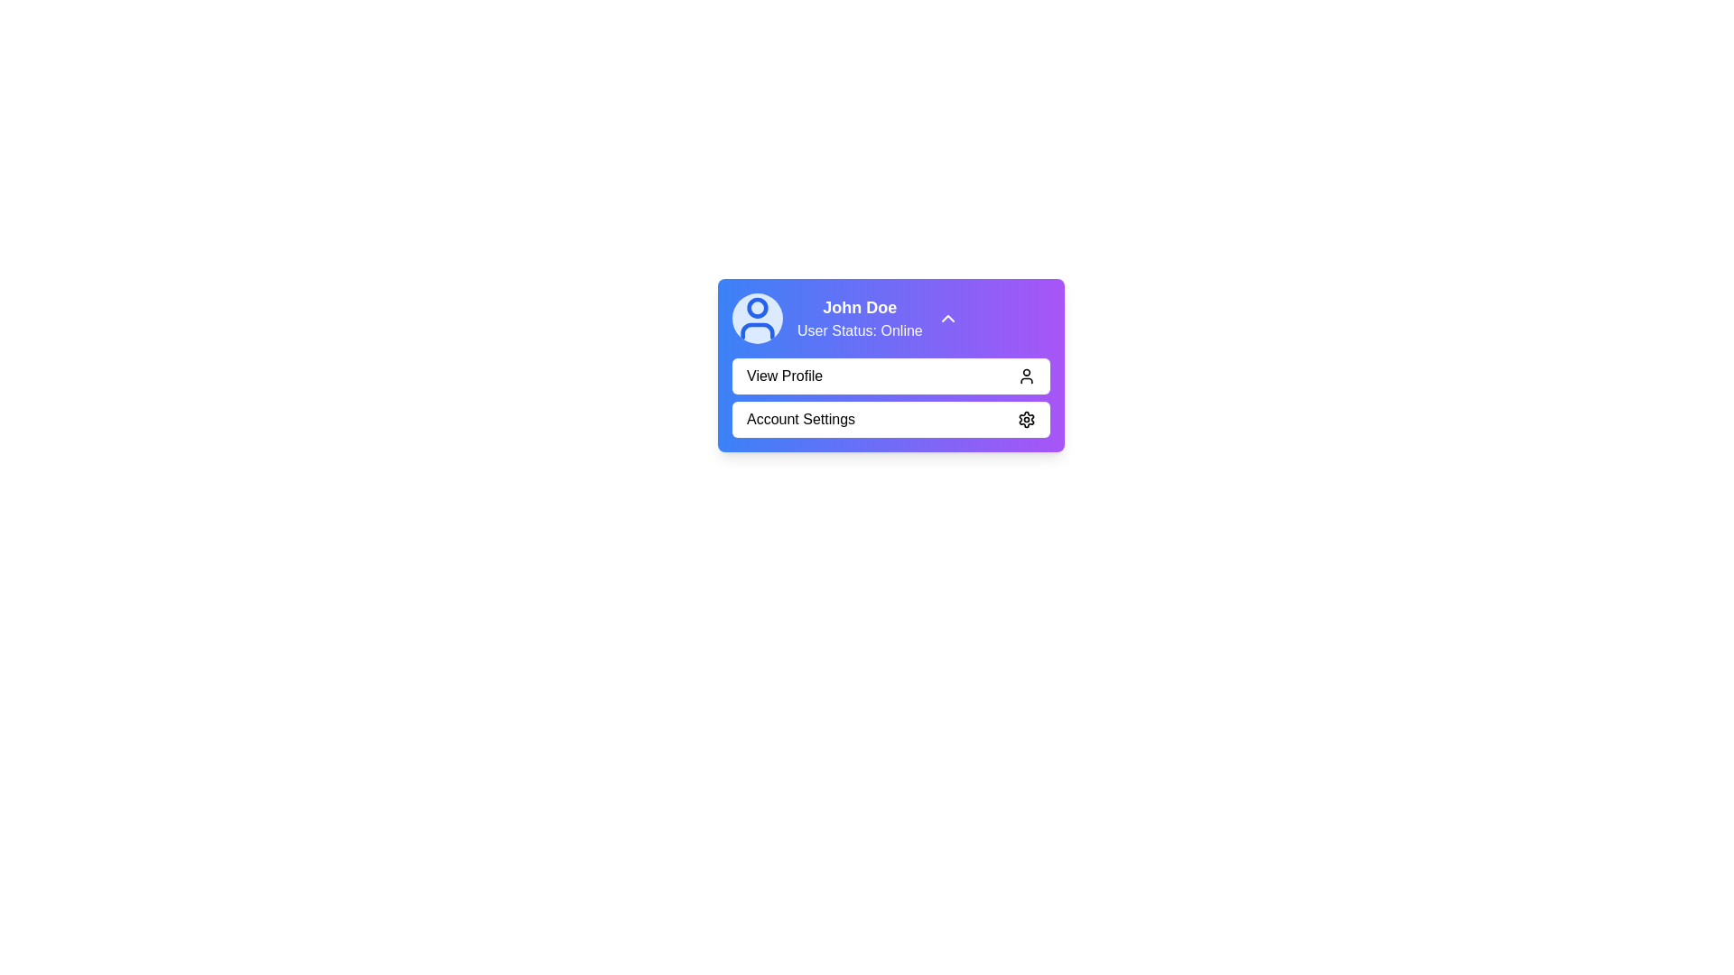  Describe the element at coordinates (859, 318) in the screenshot. I see `displayed information from the text content showing 'John Doe' and 'User Status: Online', which is located to the right of the avatar icon` at that location.